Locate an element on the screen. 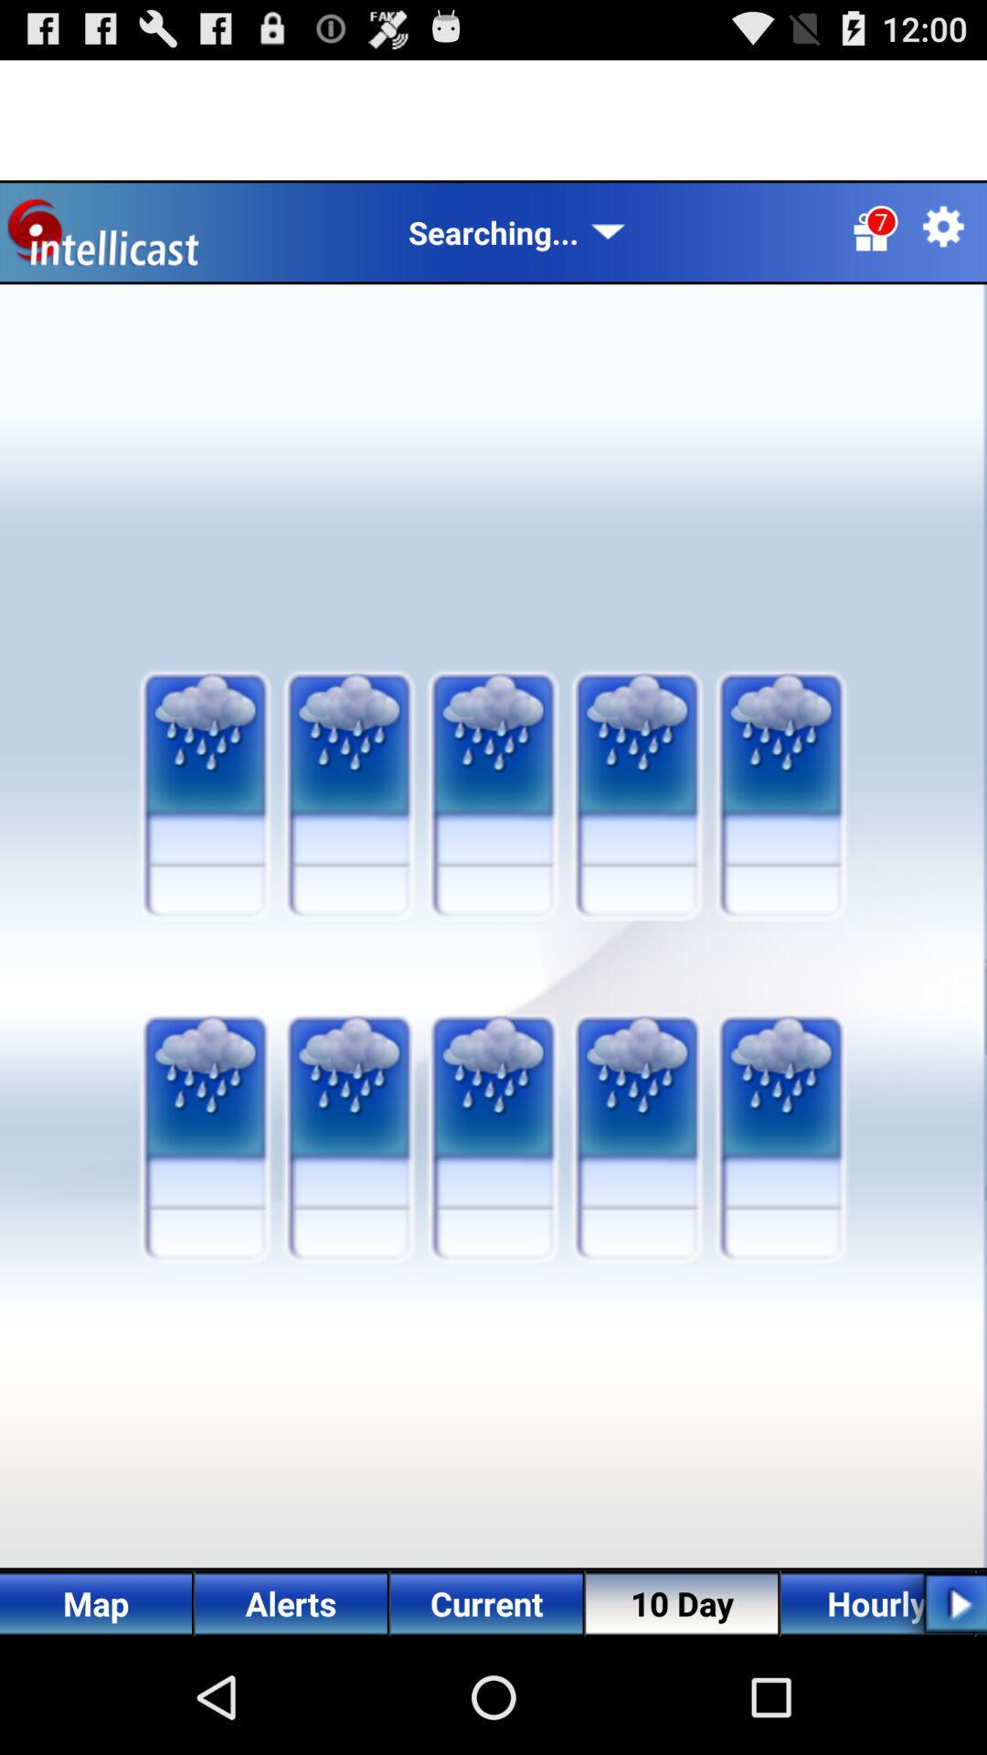 The image size is (987, 1755). the text searching along with the drop down button is located at coordinates (517, 231).